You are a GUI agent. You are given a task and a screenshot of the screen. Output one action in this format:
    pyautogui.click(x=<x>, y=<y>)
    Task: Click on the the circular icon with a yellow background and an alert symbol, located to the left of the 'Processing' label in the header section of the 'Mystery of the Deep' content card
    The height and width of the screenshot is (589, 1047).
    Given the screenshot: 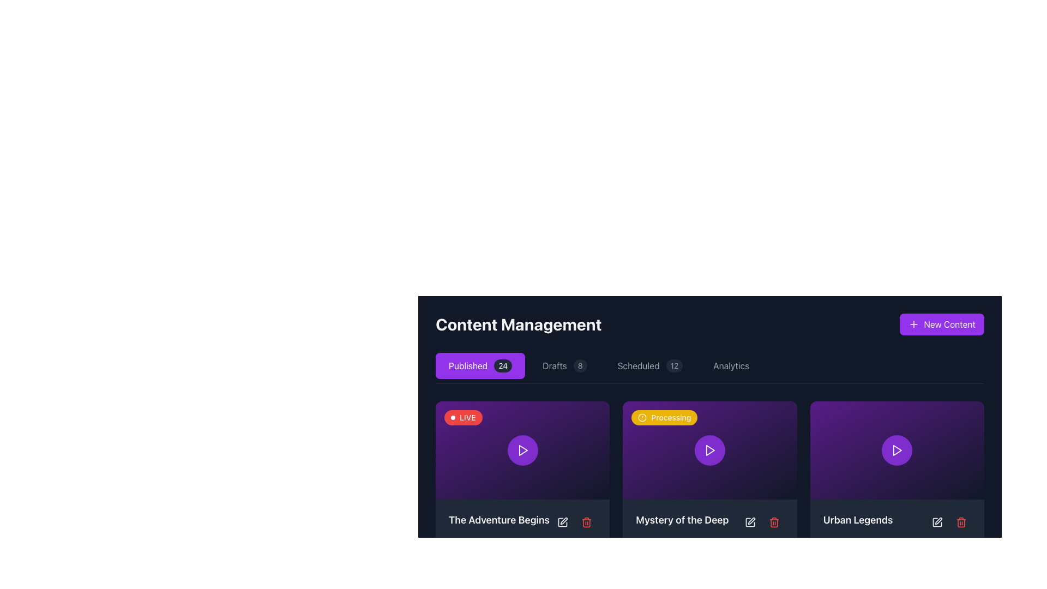 What is the action you would take?
    pyautogui.click(x=642, y=417)
    